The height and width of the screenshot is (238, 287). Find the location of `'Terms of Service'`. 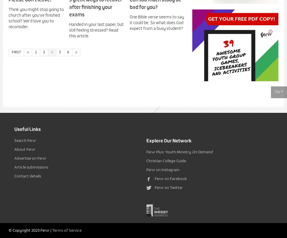

'Terms of Service' is located at coordinates (52, 230).